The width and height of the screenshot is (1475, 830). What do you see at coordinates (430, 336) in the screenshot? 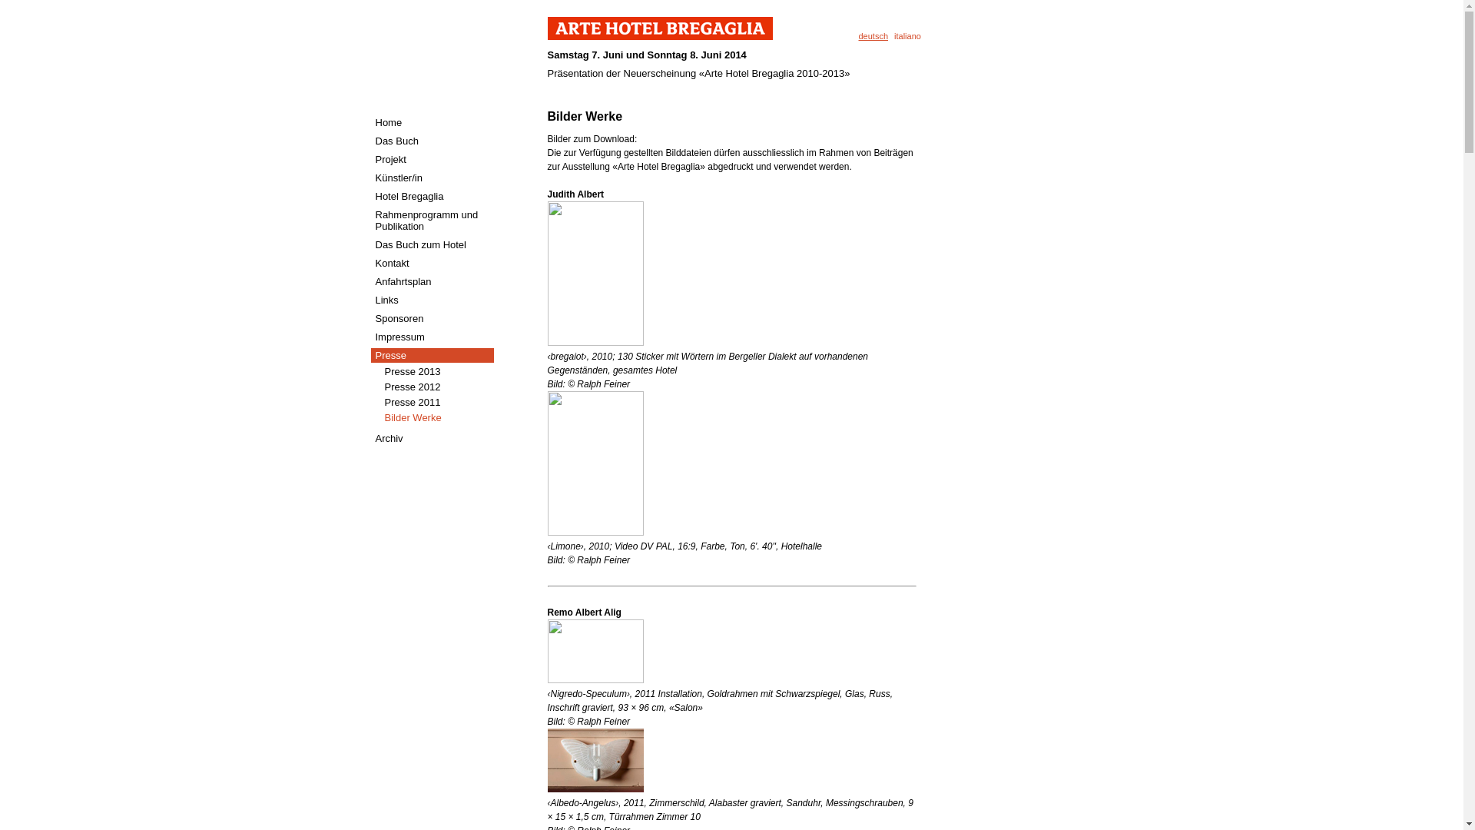
I see `'Impressum'` at bounding box center [430, 336].